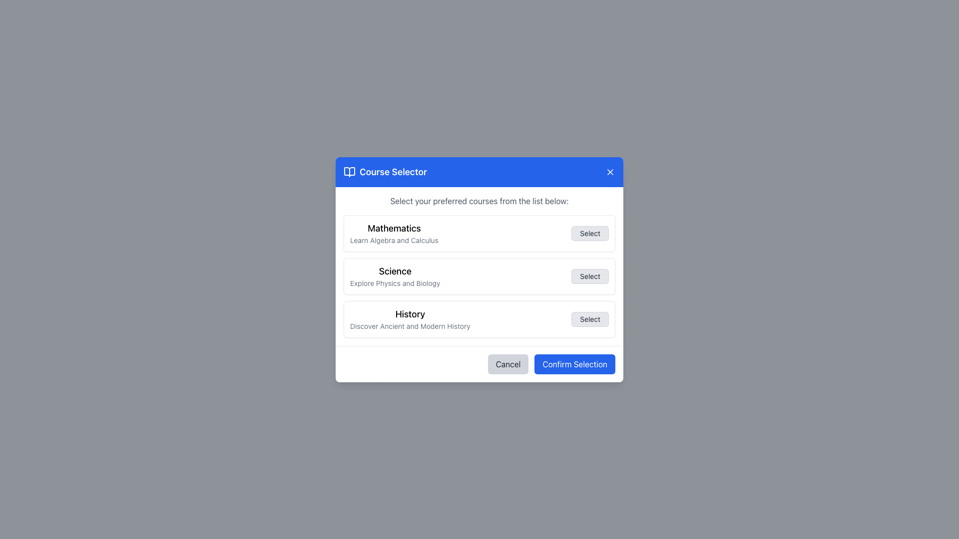  What do you see at coordinates (393, 171) in the screenshot?
I see `the 'Course Selector' text label, which is bold and prominently displayed on a blue header background, located next to a book icon in the modal dialog's header` at bounding box center [393, 171].